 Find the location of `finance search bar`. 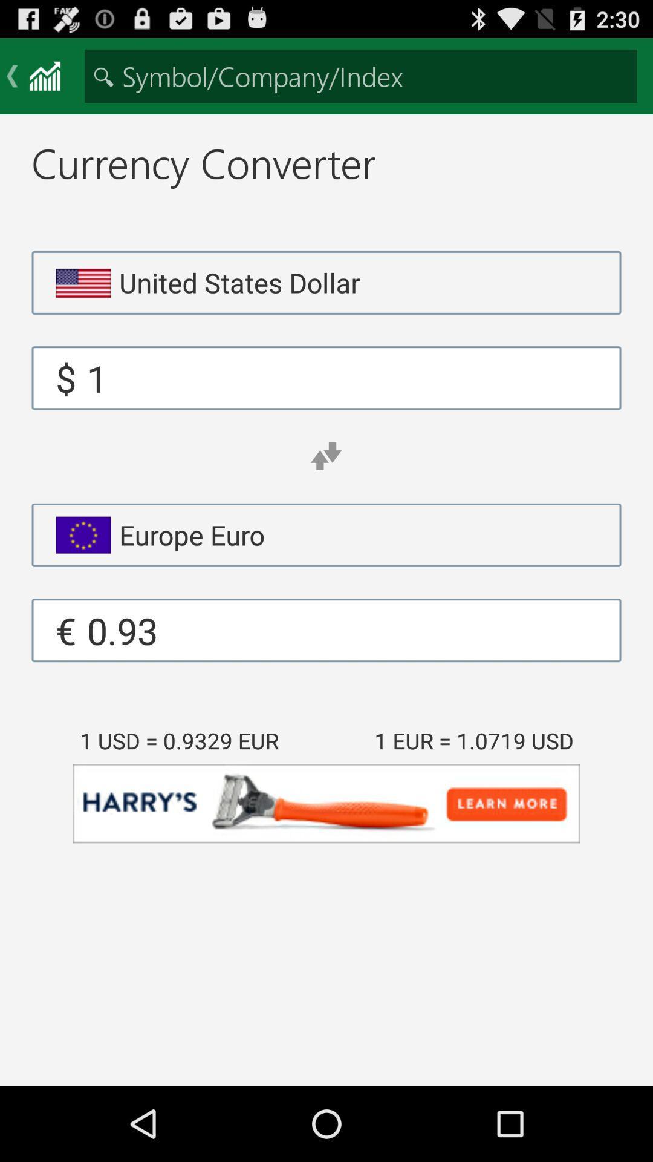

finance search bar is located at coordinates (360, 75).